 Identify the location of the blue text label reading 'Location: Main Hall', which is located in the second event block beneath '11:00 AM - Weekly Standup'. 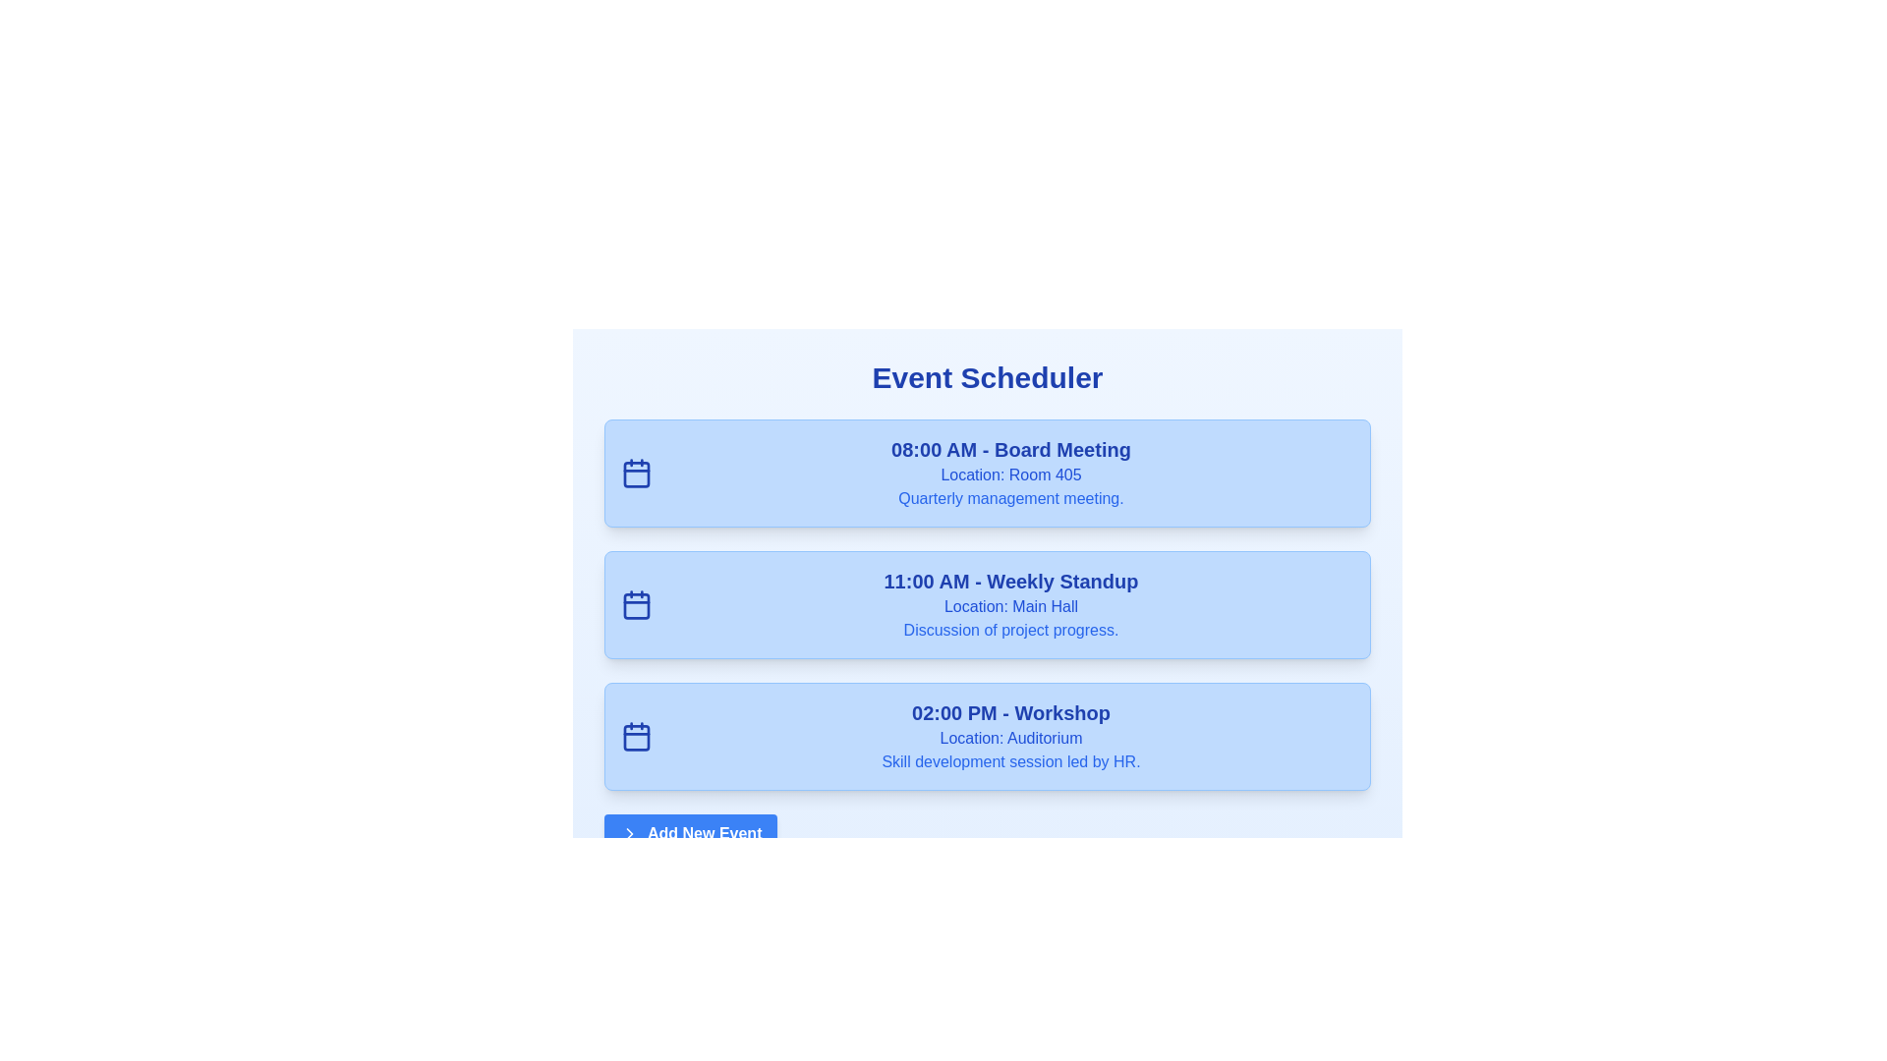
(1010, 605).